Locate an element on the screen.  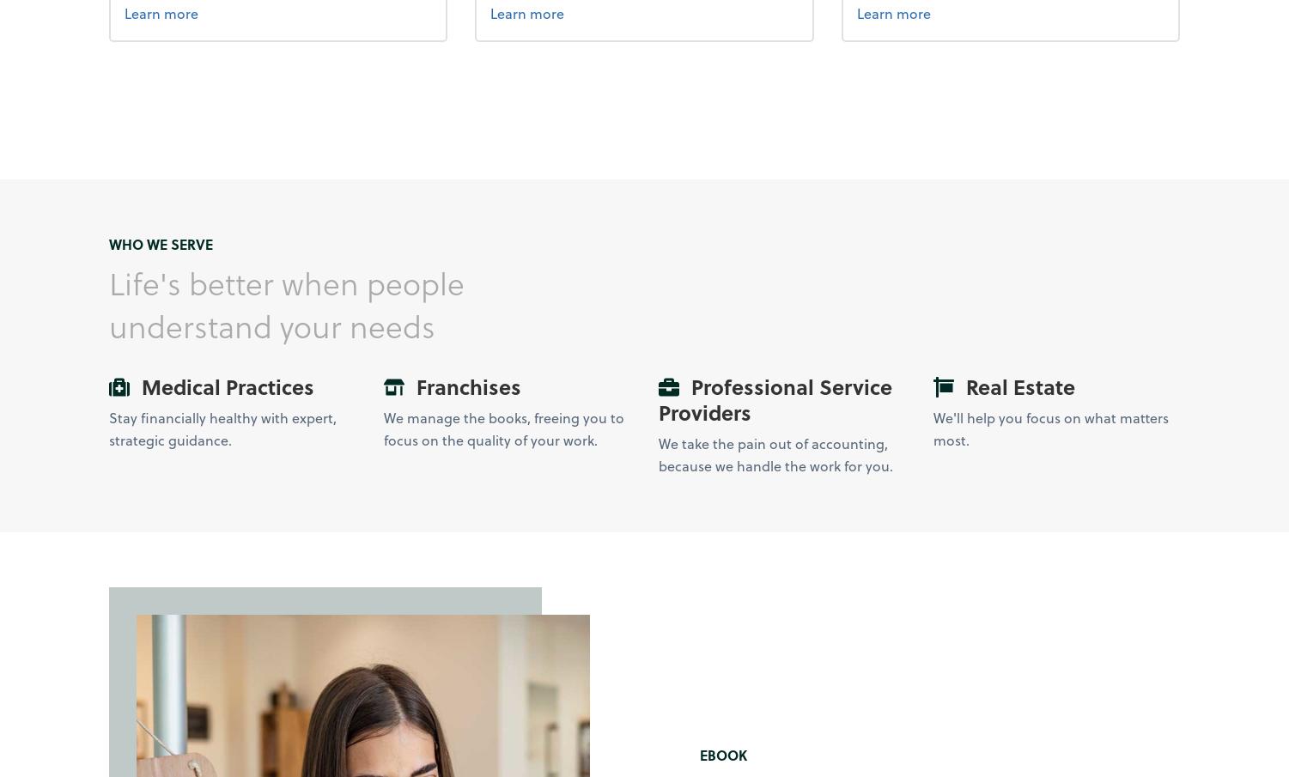
'Franchises' is located at coordinates (465, 385).